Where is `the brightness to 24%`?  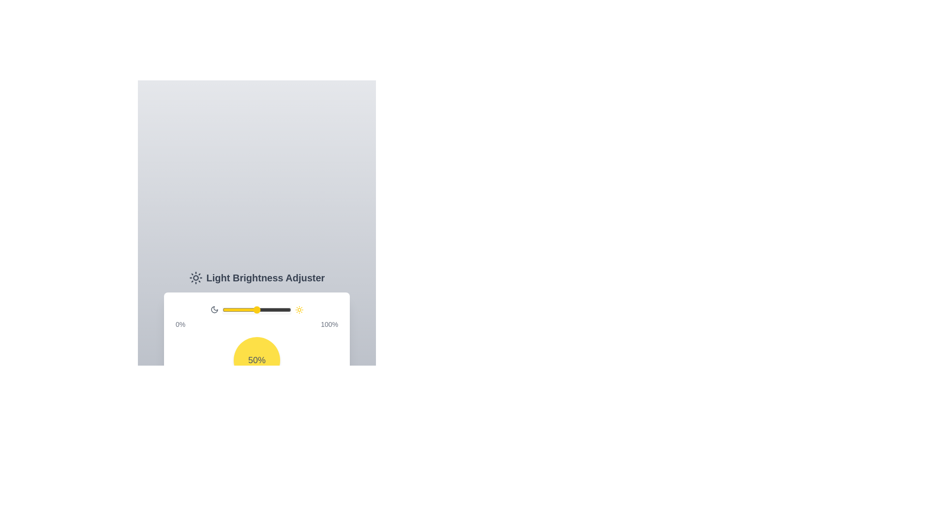
the brightness to 24% is located at coordinates (239, 310).